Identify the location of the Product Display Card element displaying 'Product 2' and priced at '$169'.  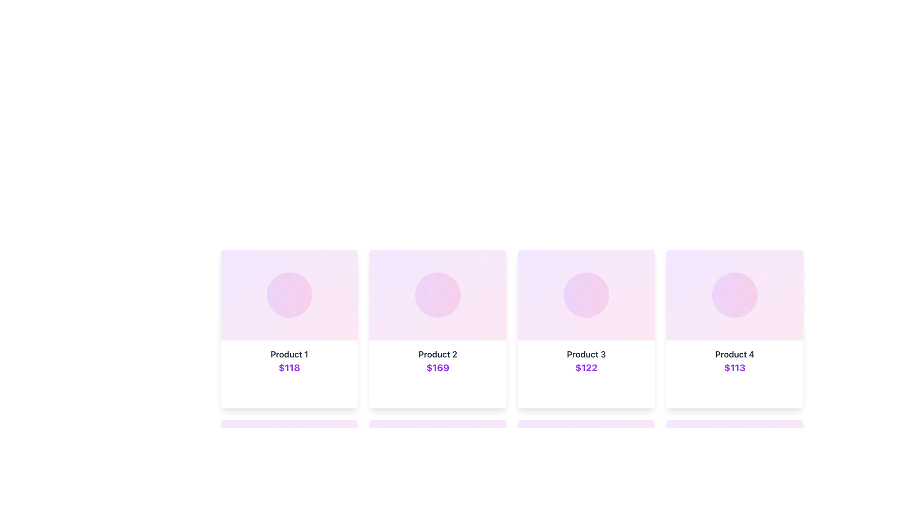
(437, 374).